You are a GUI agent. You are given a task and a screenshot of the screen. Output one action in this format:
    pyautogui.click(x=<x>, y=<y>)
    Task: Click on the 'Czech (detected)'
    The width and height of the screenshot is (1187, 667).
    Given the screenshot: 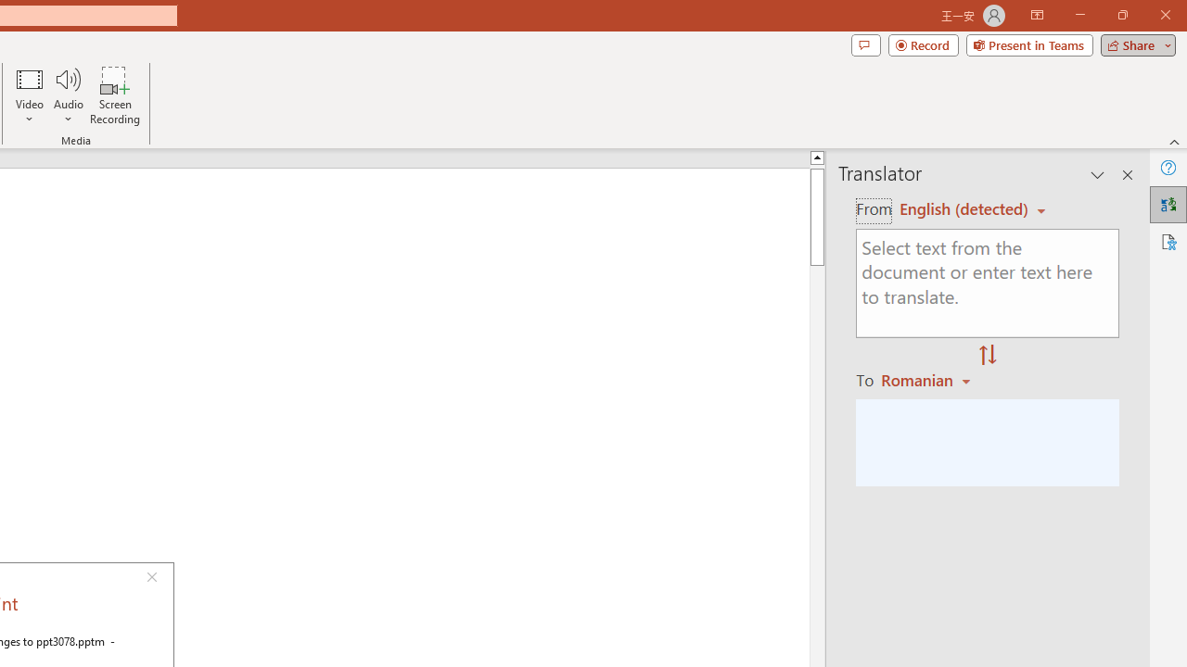 What is the action you would take?
    pyautogui.click(x=964, y=208)
    